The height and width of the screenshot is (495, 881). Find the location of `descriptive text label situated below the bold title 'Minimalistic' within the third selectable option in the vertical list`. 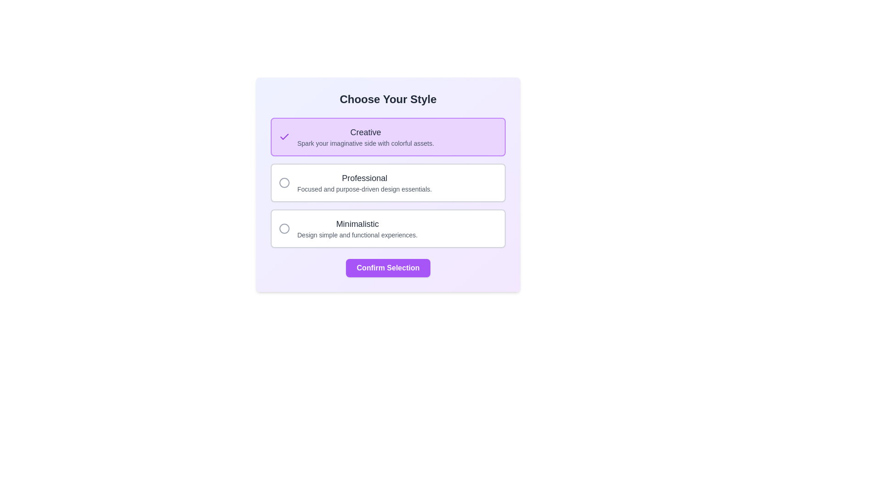

descriptive text label situated below the bold title 'Minimalistic' within the third selectable option in the vertical list is located at coordinates (357, 235).